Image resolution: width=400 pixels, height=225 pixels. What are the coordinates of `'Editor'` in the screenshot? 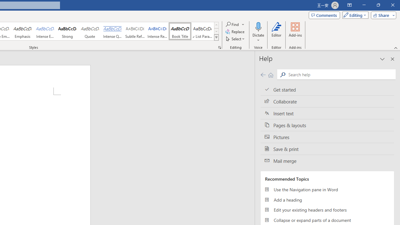 It's located at (276, 32).